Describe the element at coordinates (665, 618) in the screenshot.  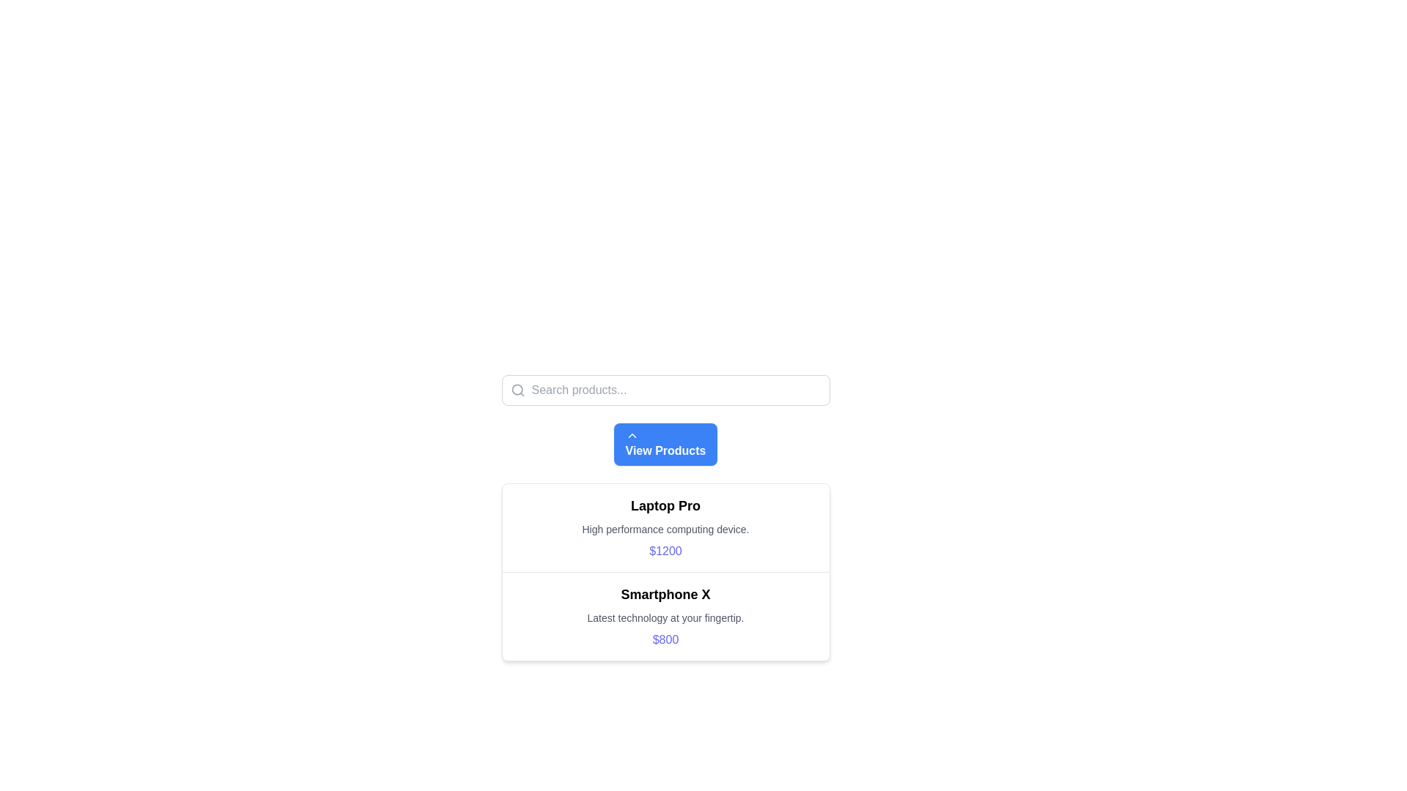
I see `the text element styled in a small, gray-colored font that states 'Latest technology at your fingertip.', located below 'Smartphone X' and above '$800' in the product card layout` at that location.